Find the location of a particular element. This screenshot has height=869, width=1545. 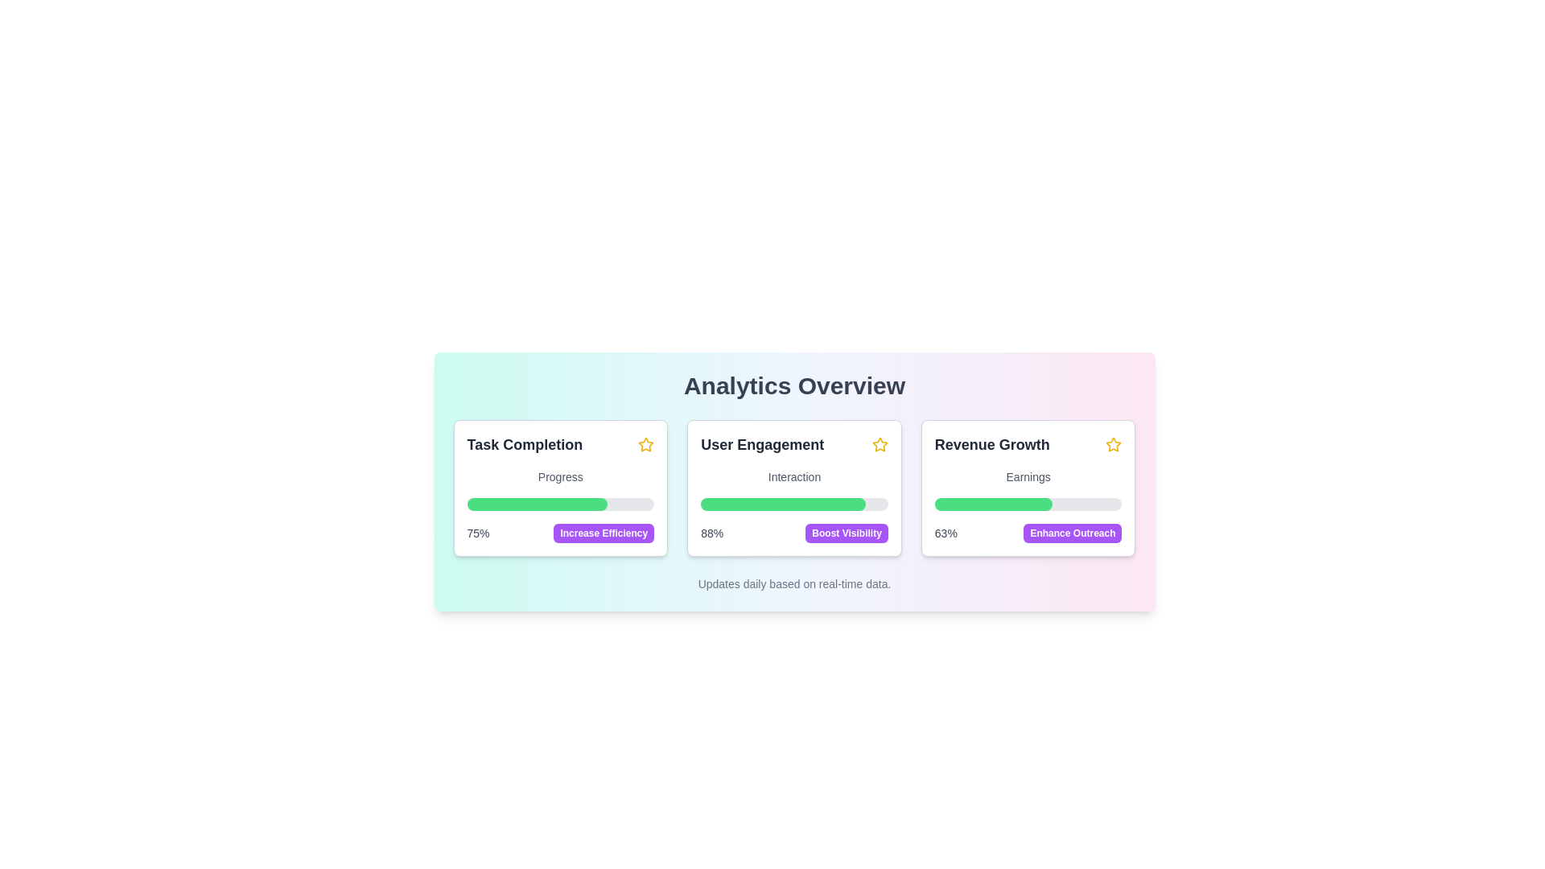

the rectangular button with a purple background and white bold text reading 'Enhance Outreach' located at the bottom right of the 'Revenue Growth' section card for more information is located at coordinates (1073, 533).